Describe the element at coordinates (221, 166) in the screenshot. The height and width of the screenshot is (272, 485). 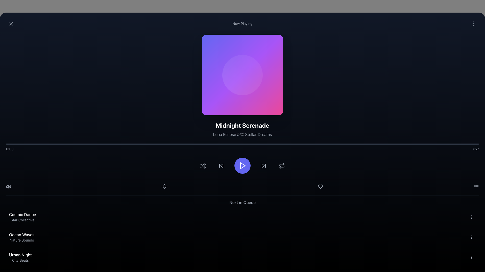
I see `the square-shaped button with rounded edges that contains a backward skip symbol` at that location.